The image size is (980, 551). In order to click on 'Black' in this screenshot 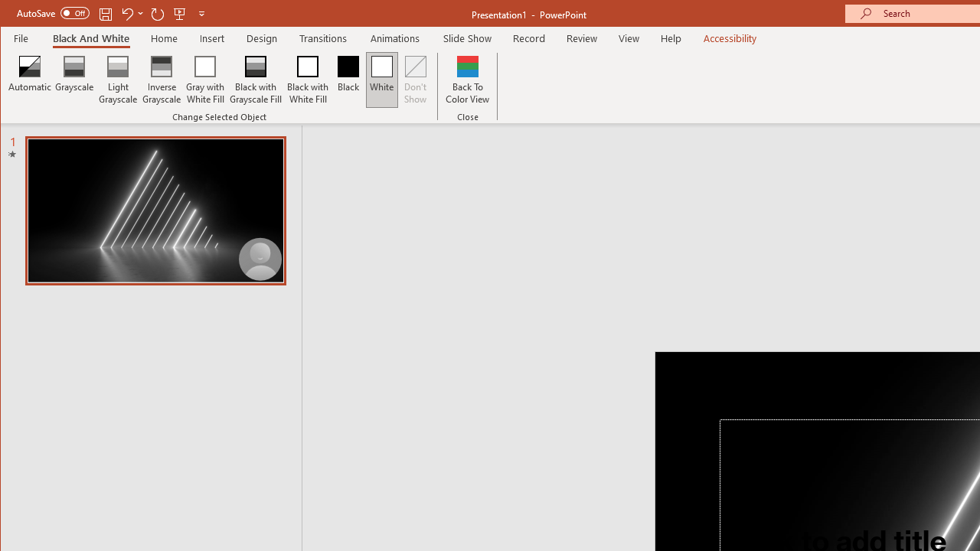, I will do `click(348, 80)`.